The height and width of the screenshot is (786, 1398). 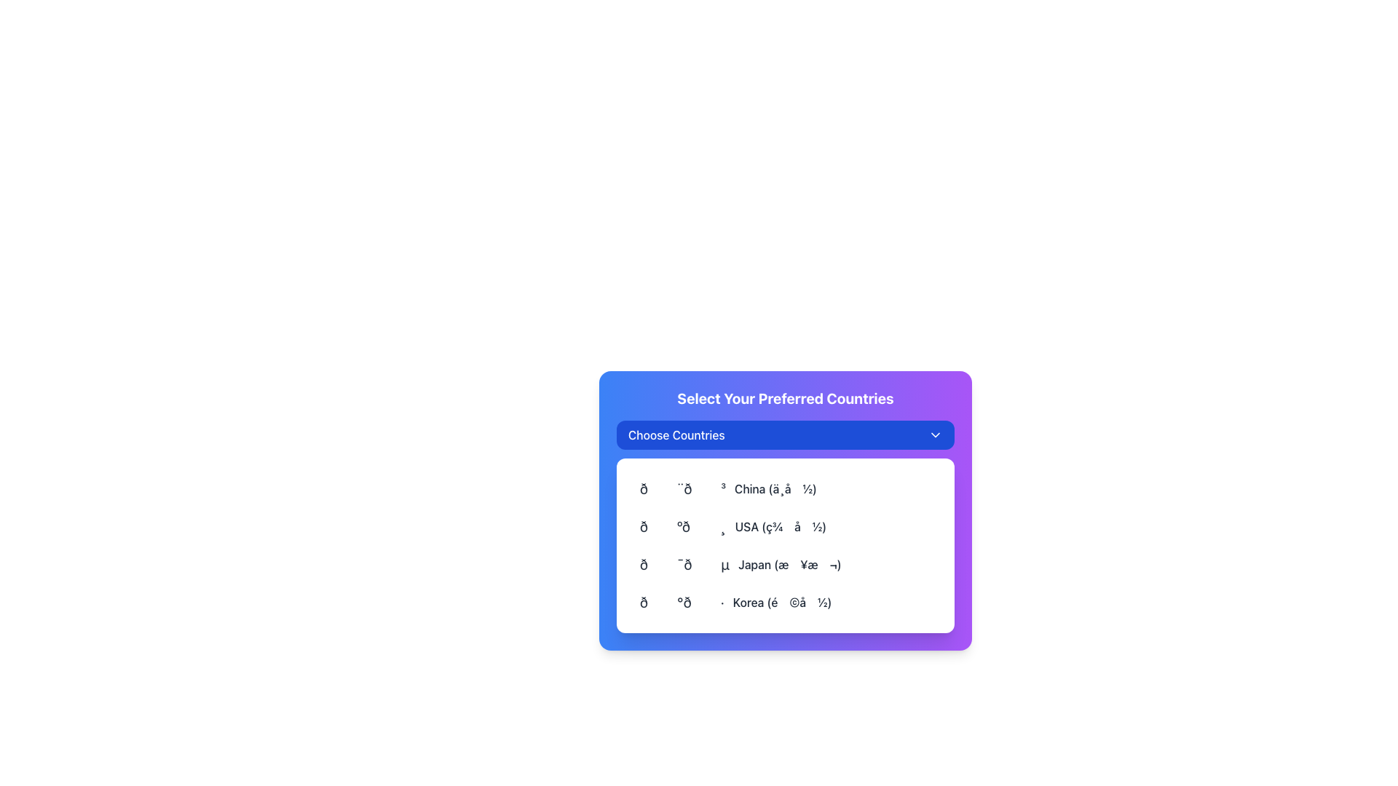 I want to click on the 'USA' dropdown menu option, so click(x=785, y=527).